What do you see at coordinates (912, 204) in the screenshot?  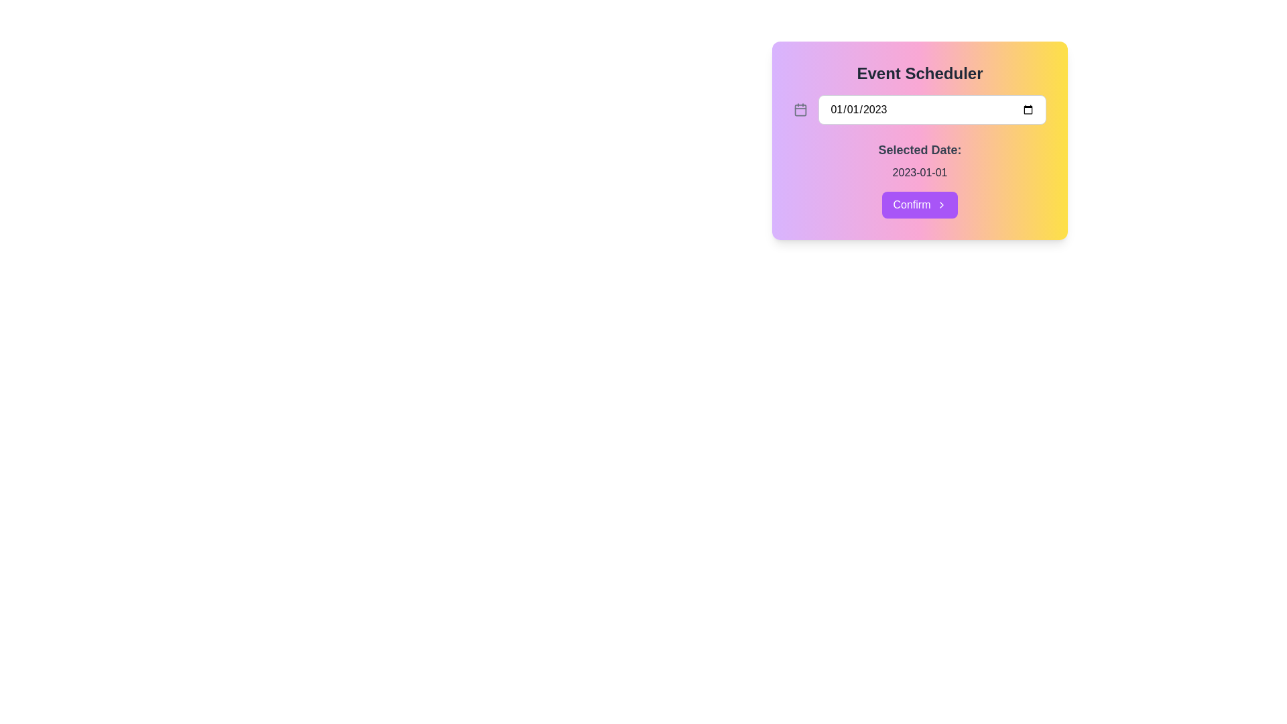 I see `the 'Confirm' text label which is displayed in white on a purple button beneath the 'Selected Date' section` at bounding box center [912, 204].